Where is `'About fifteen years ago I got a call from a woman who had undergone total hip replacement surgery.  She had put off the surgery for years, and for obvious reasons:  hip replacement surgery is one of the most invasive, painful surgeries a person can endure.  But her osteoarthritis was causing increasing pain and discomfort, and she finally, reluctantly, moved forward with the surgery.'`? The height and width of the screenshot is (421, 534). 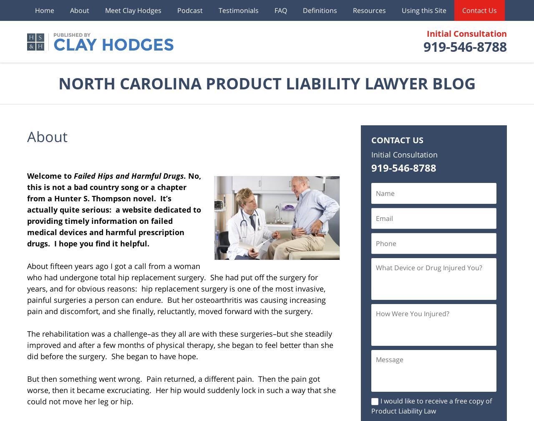
'About fifteen years ago I got a call from a woman who had undergone total hip replacement surgery.  She had put off the surgery for years, and for obvious reasons:  hip replacement surgery is one of the most invasive, painful surgeries a person can endure.  But her osteoarthritis was causing increasing pain and discomfort, and she finally, reluctantly, moved forward with the surgery.' is located at coordinates (176, 288).